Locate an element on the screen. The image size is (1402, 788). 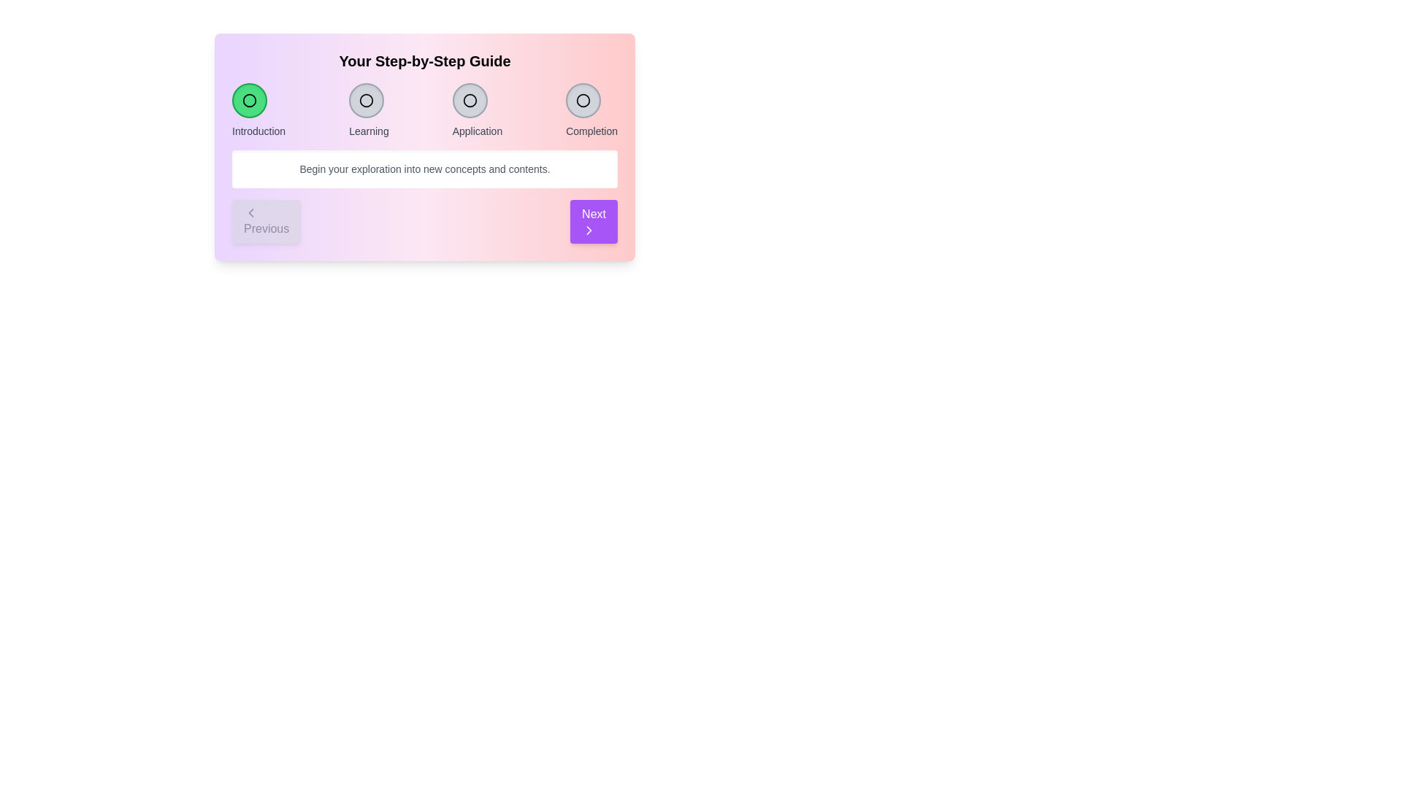
the SVG vector circle that represents the core of the completion step indicator, which is the third circle in the step navigation design is located at coordinates (583, 100).